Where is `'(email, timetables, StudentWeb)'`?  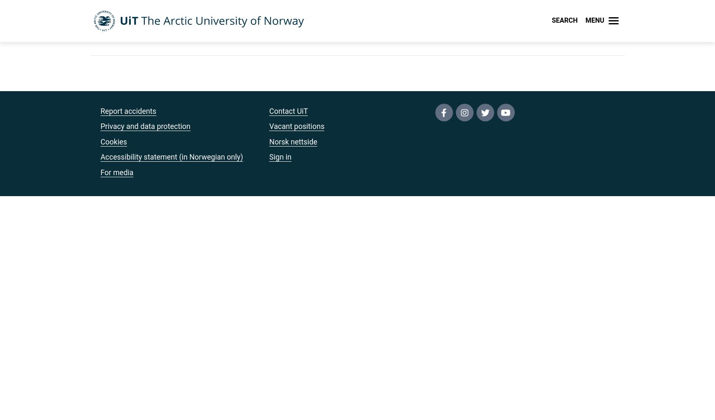 '(email, timetables, StudentWeb)' is located at coordinates (337, 154).